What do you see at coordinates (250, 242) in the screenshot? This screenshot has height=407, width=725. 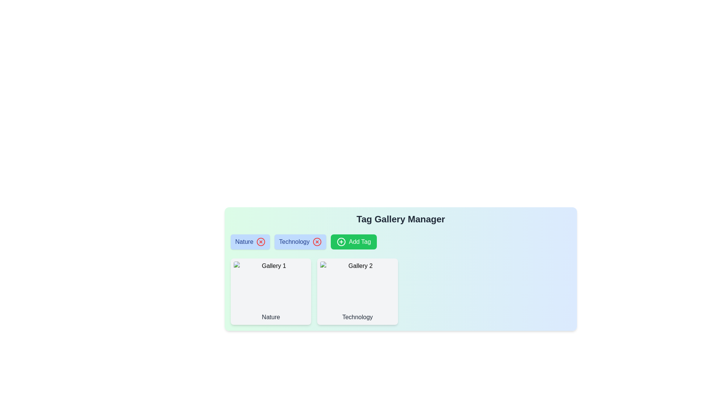 I see `the 'Nature' tag` at bounding box center [250, 242].